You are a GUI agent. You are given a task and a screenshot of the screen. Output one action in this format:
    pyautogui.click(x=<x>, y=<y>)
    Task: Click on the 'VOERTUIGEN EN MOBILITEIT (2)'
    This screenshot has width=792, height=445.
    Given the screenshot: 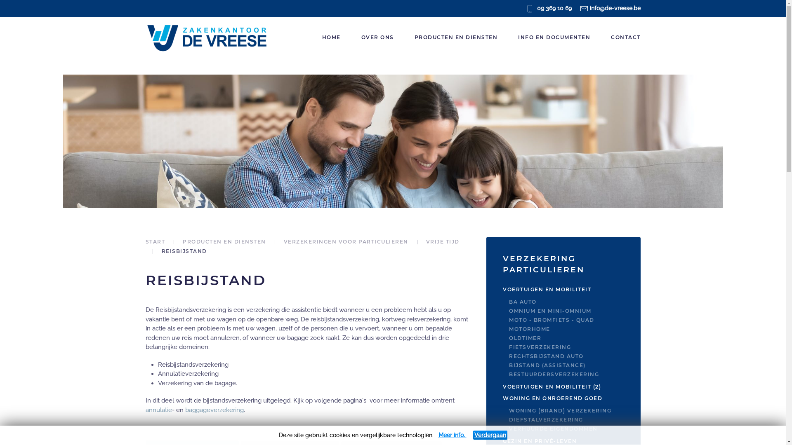 What is the action you would take?
    pyautogui.click(x=563, y=386)
    